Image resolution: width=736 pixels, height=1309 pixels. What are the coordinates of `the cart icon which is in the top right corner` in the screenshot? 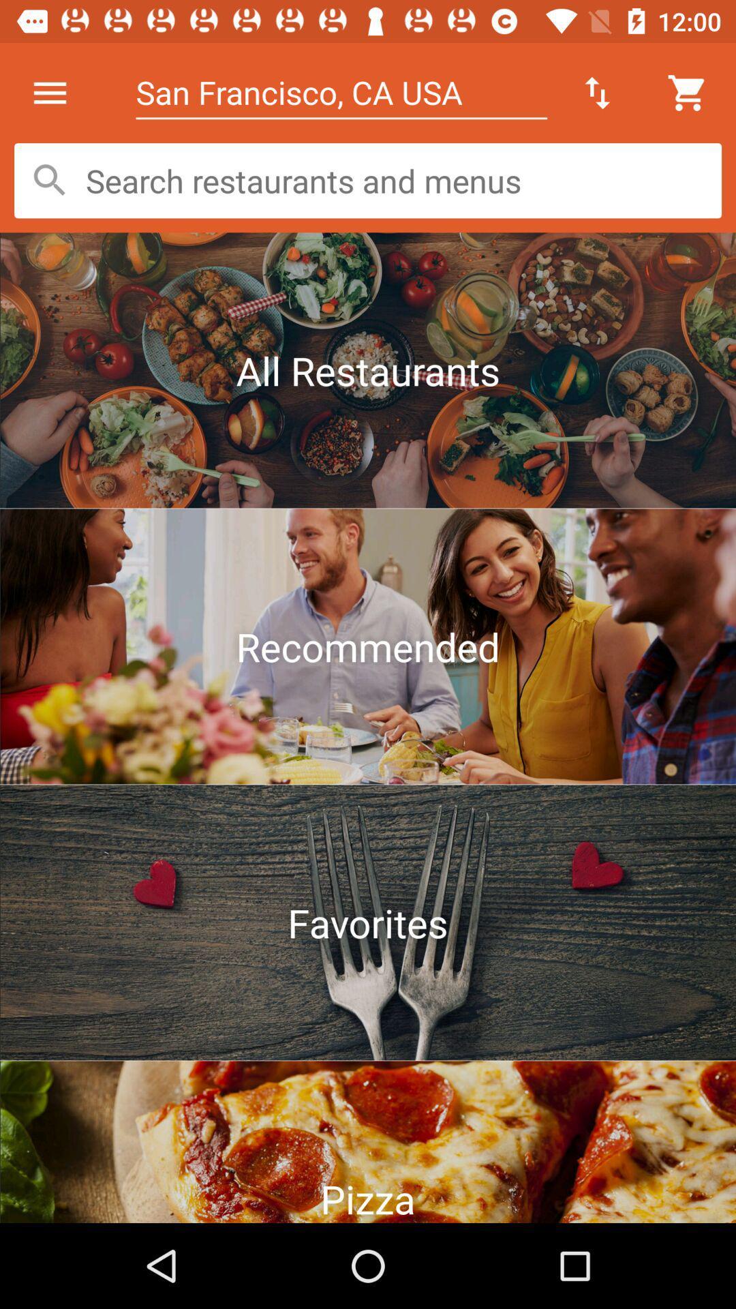 It's located at (688, 92).